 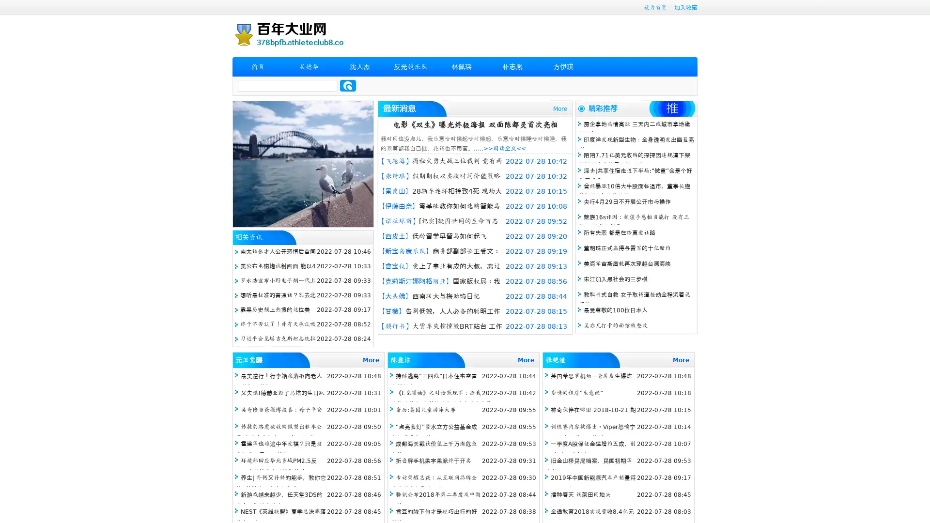 What do you see at coordinates (348, 85) in the screenshot?
I see `Search` at bounding box center [348, 85].